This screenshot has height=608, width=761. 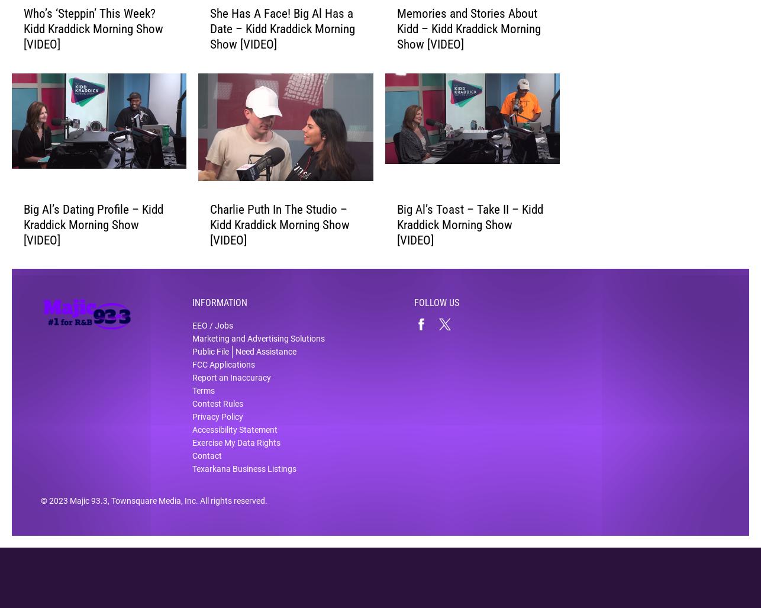 What do you see at coordinates (396, 233) in the screenshot?
I see `'Big Al’s Toast – Take II – Kidd Kraddick Morning Show [VIDEO]'` at bounding box center [396, 233].